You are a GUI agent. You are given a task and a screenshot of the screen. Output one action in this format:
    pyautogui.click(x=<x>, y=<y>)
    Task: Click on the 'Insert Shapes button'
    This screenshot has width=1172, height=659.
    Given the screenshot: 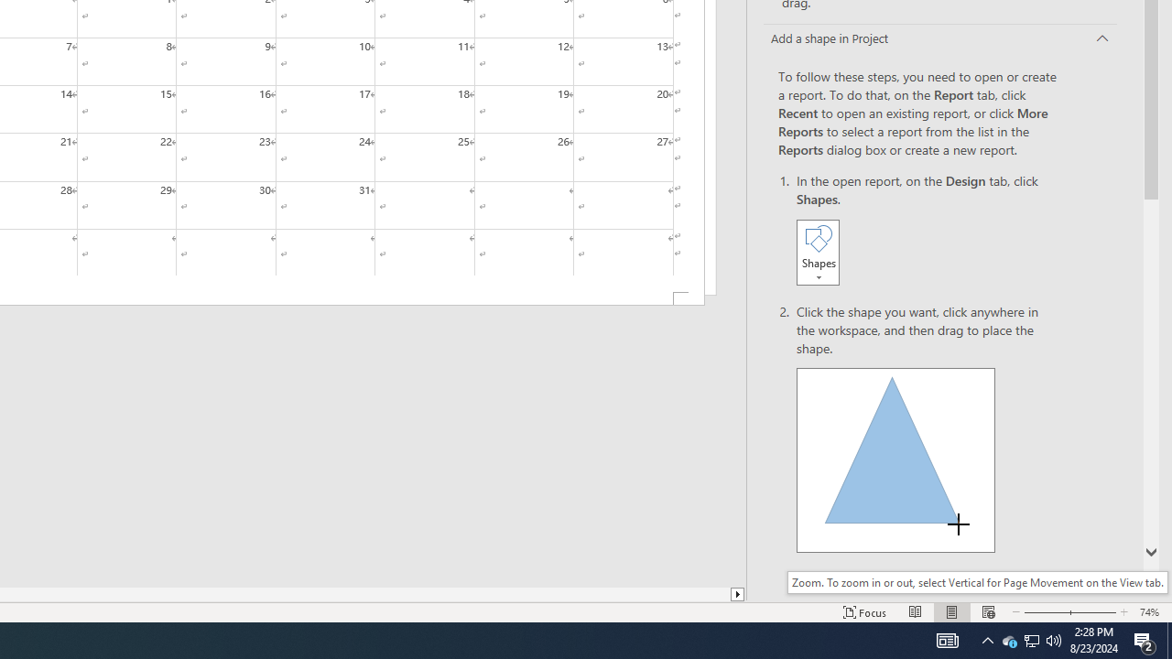 What is the action you would take?
    pyautogui.click(x=817, y=252)
    